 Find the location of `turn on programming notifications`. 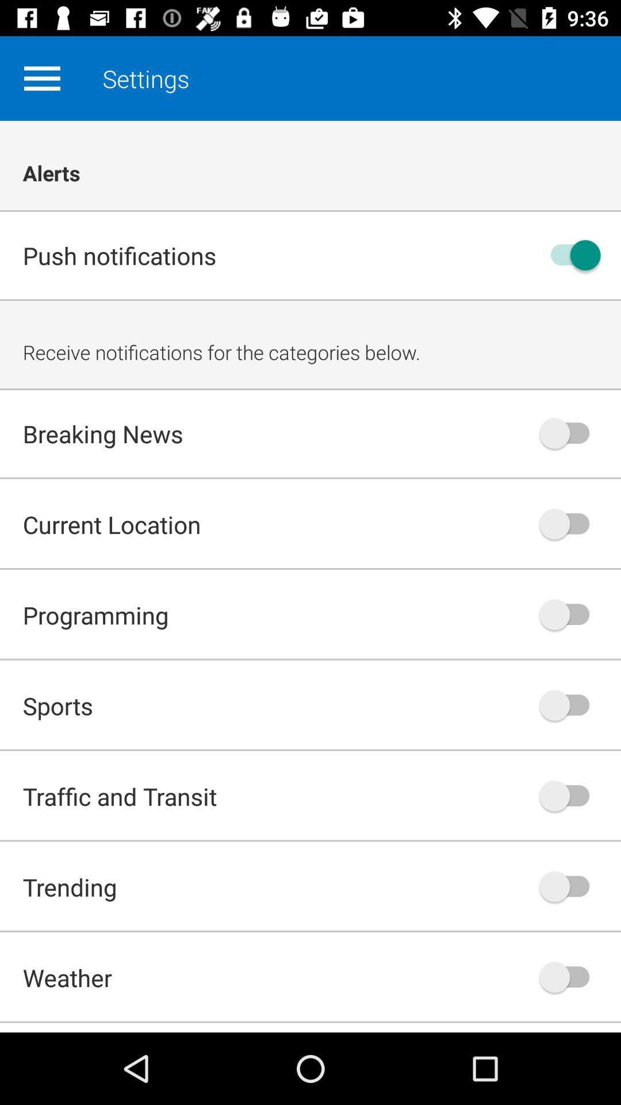

turn on programming notifications is located at coordinates (570, 614).